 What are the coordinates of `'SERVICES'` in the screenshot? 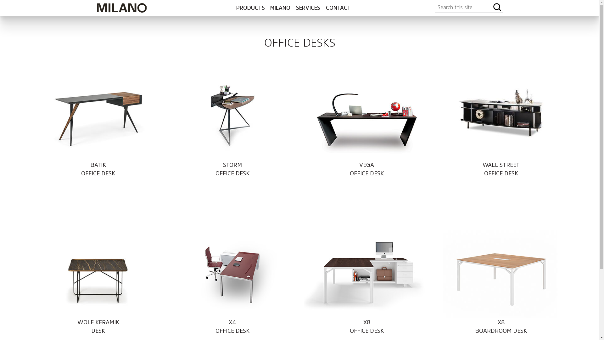 It's located at (308, 8).